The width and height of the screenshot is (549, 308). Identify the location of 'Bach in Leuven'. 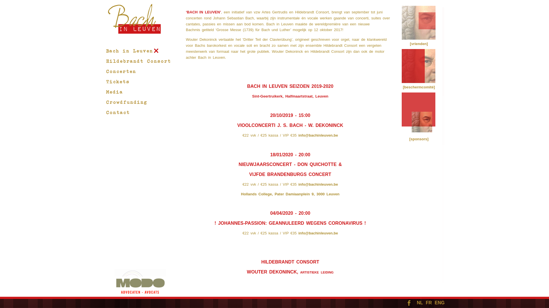
(132, 50).